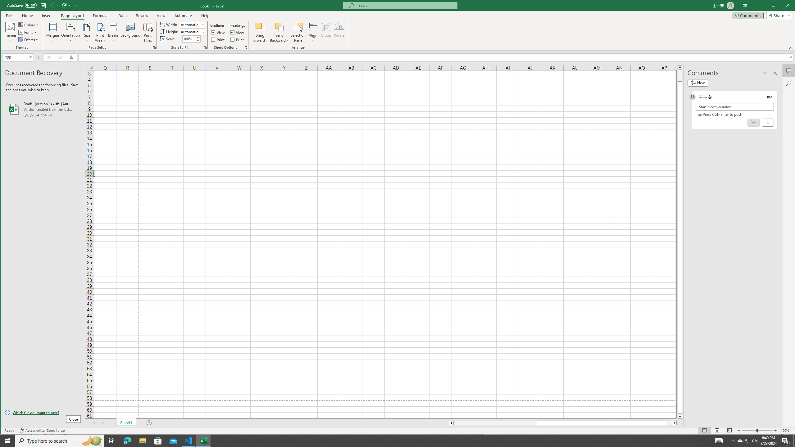 The width and height of the screenshot is (795, 447). Describe the element at coordinates (100, 32) in the screenshot. I see `'Print Area'` at that location.